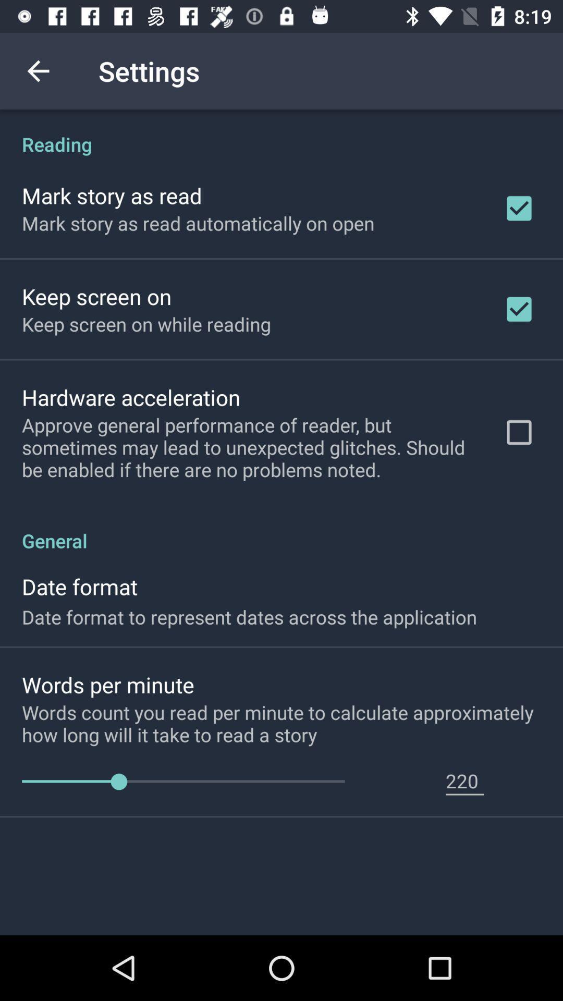  I want to click on the item below the keep screen on icon, so click(130, 397).